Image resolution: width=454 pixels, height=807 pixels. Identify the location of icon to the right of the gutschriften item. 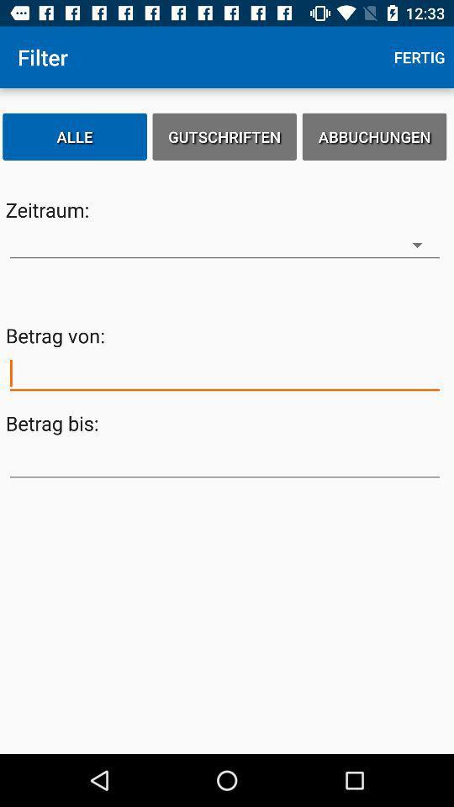
(374, 135).